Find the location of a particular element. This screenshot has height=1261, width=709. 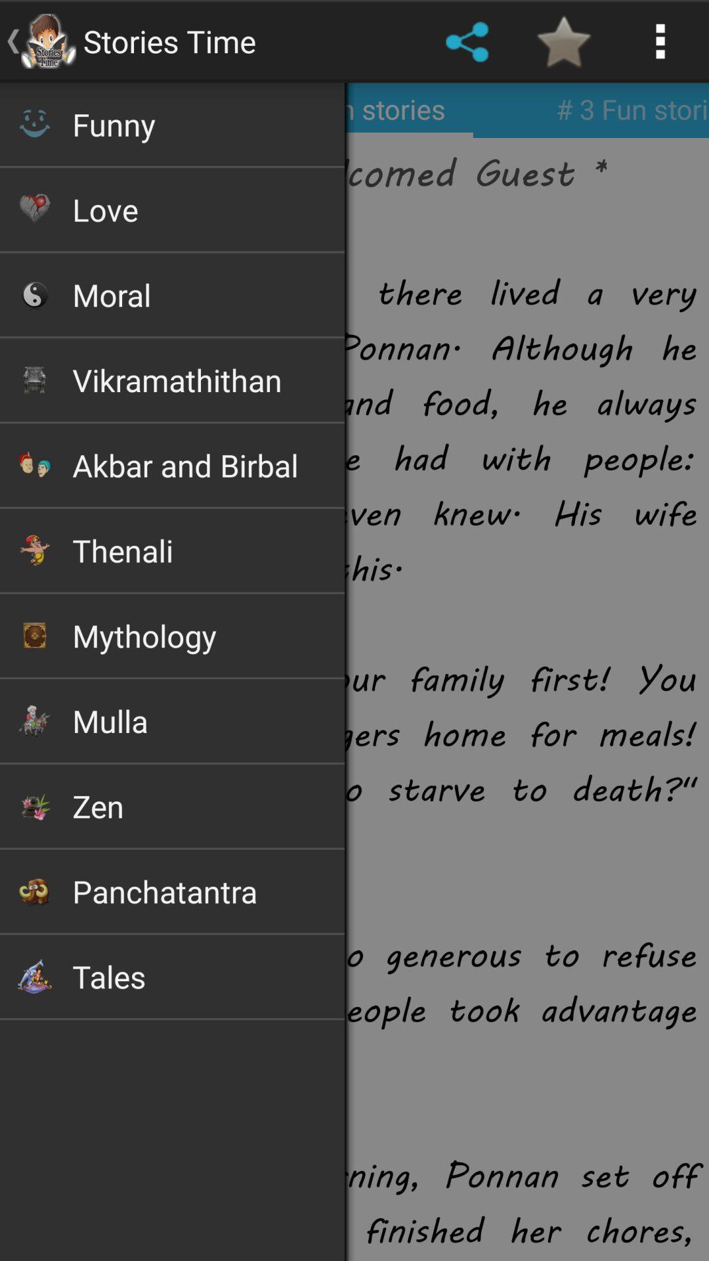

image left side of love is located at coordinates (33, 208).